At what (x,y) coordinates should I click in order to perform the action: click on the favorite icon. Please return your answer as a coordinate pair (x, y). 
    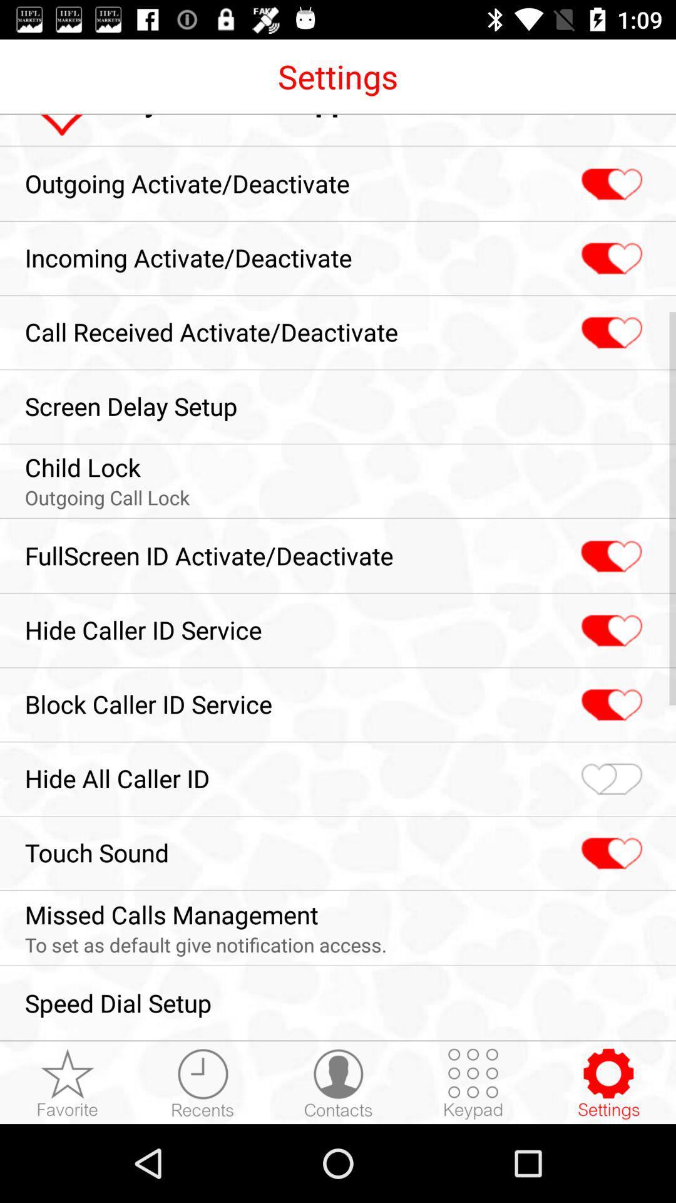
    Looking at the image, I should click on (610, 853).